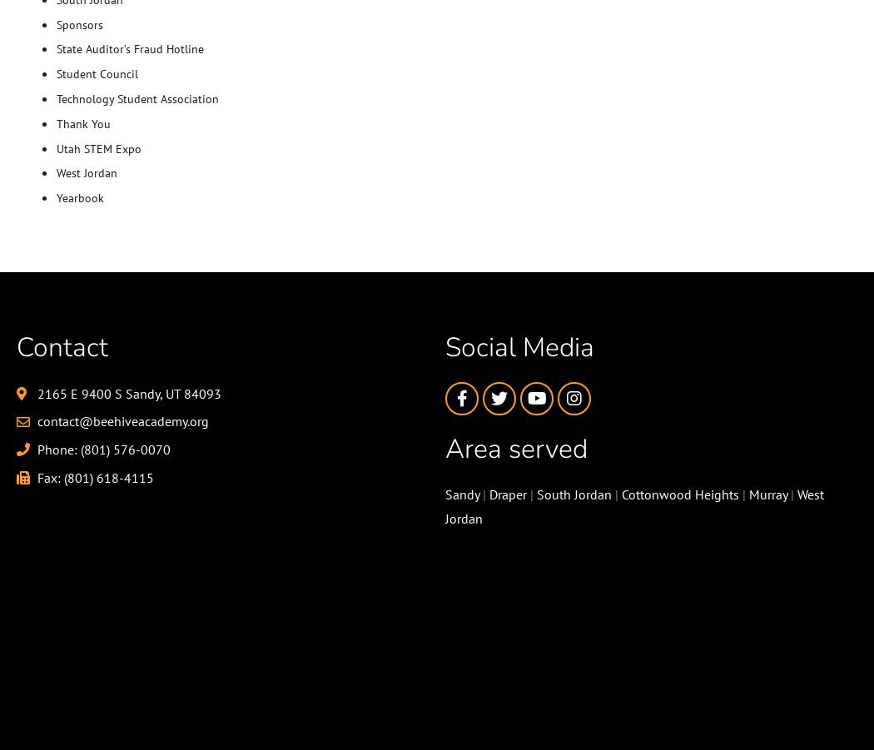 Image resolution: width=874 pixels, height=750 pixels. I want to click on 'Student Council', so click(96, 73).